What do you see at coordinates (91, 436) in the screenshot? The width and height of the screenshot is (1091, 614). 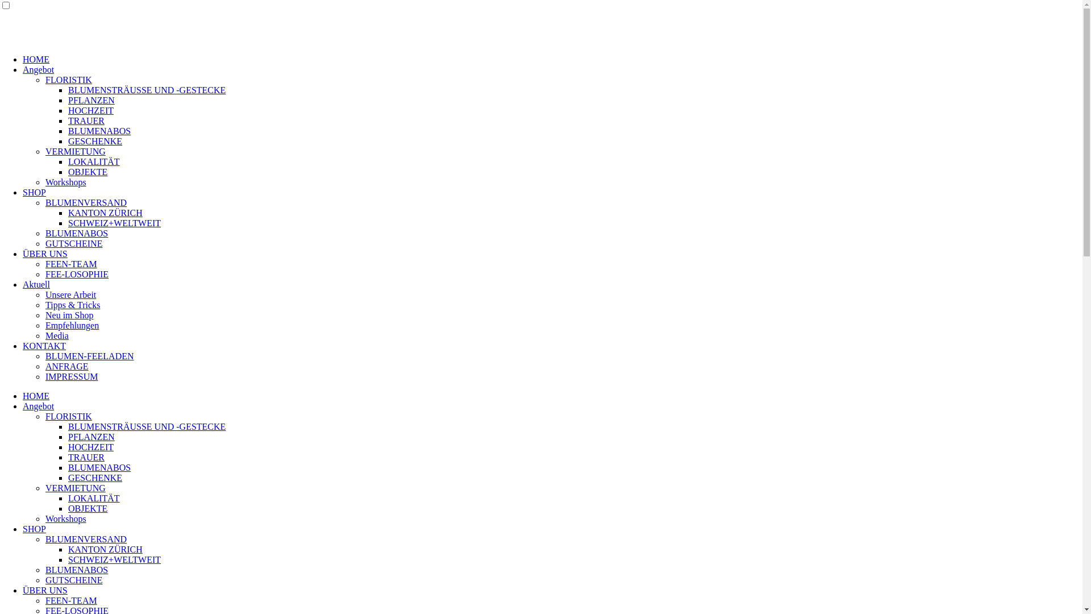 I see `'PFLANZEN'` at bounding box center [91, 436].